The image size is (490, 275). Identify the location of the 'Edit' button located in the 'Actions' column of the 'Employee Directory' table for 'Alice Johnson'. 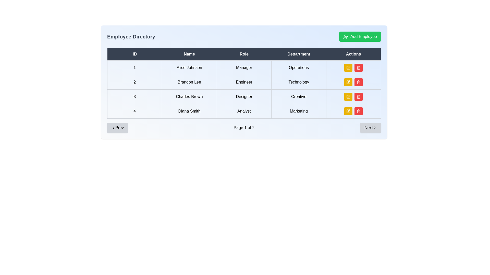
(348, 67).